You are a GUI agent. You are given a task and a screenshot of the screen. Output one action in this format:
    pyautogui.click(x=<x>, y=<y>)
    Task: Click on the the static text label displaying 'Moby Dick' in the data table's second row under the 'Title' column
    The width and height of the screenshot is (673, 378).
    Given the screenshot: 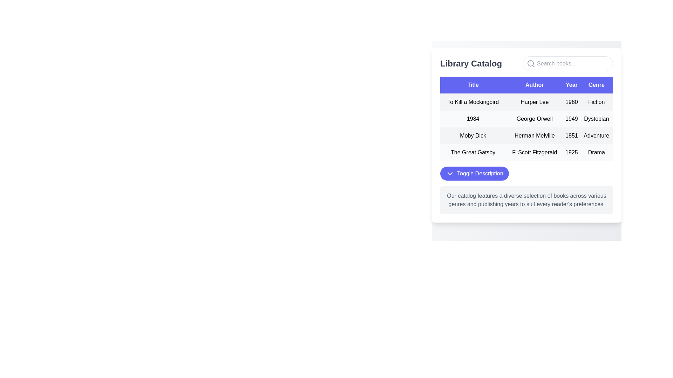 What is the action you would take?
    pyautogui.click(x=473, y=136)
    